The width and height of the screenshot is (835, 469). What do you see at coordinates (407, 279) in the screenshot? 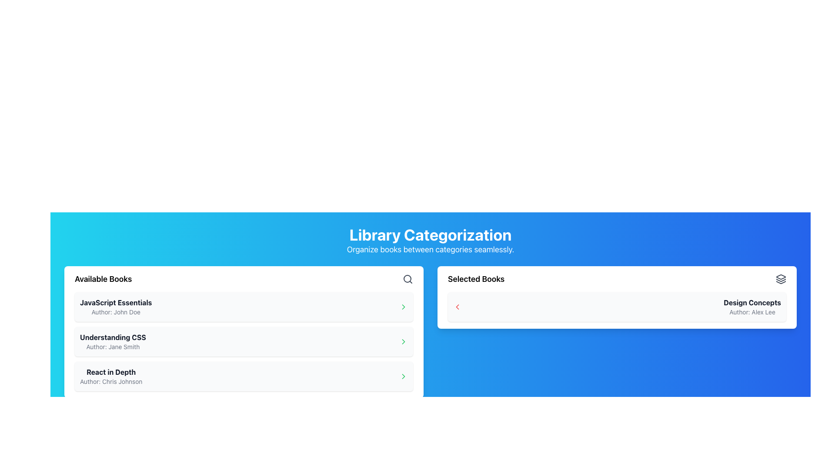
I see `the magnifying glass icon located` at bounding box center [407, 279].